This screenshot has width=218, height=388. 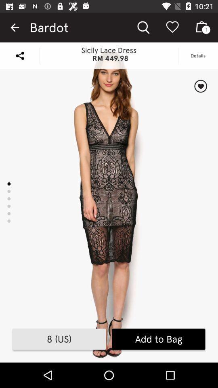 I want to click on the icon next to the 8 (us), so click(x=159, y=339).